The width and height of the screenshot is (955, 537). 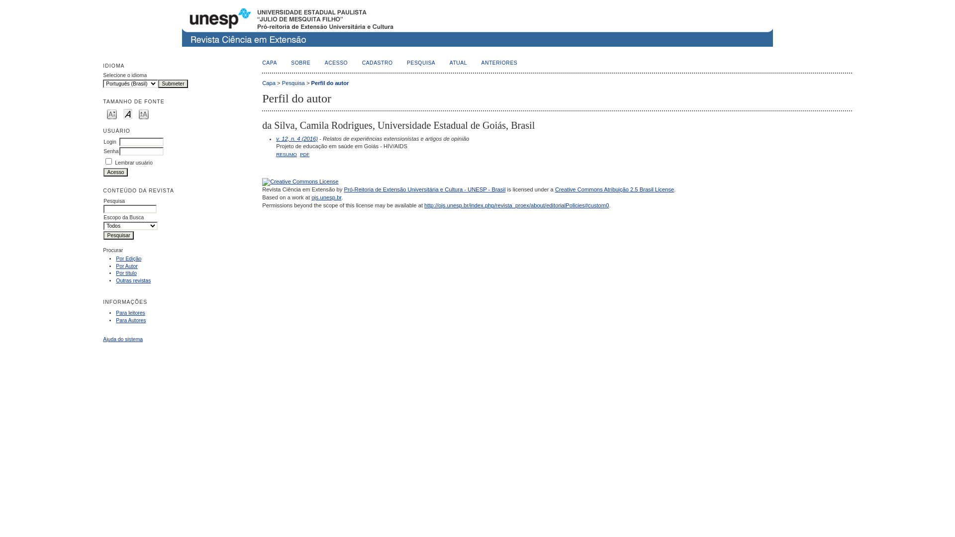 I want to click on 'Perfil do autor', so click(x=310, y=82).